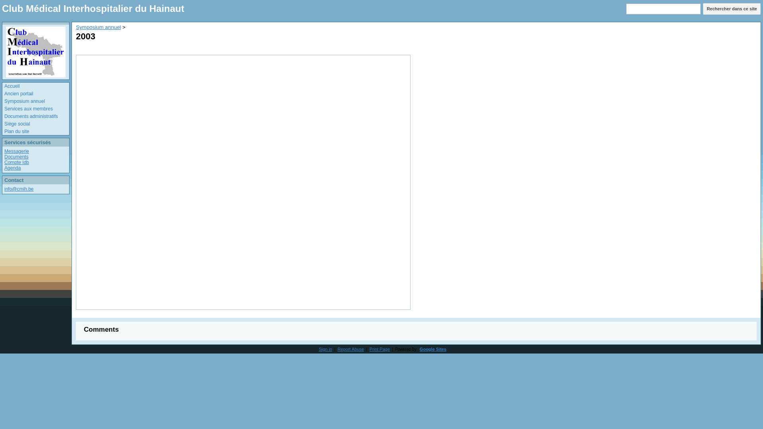  I want to click on 'info@cmih.be', so click(4, 189).